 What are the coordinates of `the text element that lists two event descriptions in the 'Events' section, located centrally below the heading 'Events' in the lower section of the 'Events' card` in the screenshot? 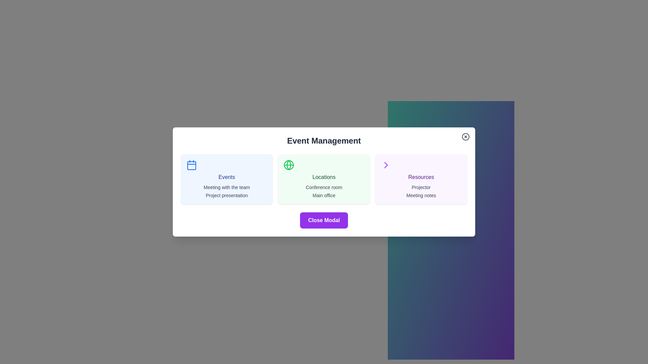 It's located at (227, 191).